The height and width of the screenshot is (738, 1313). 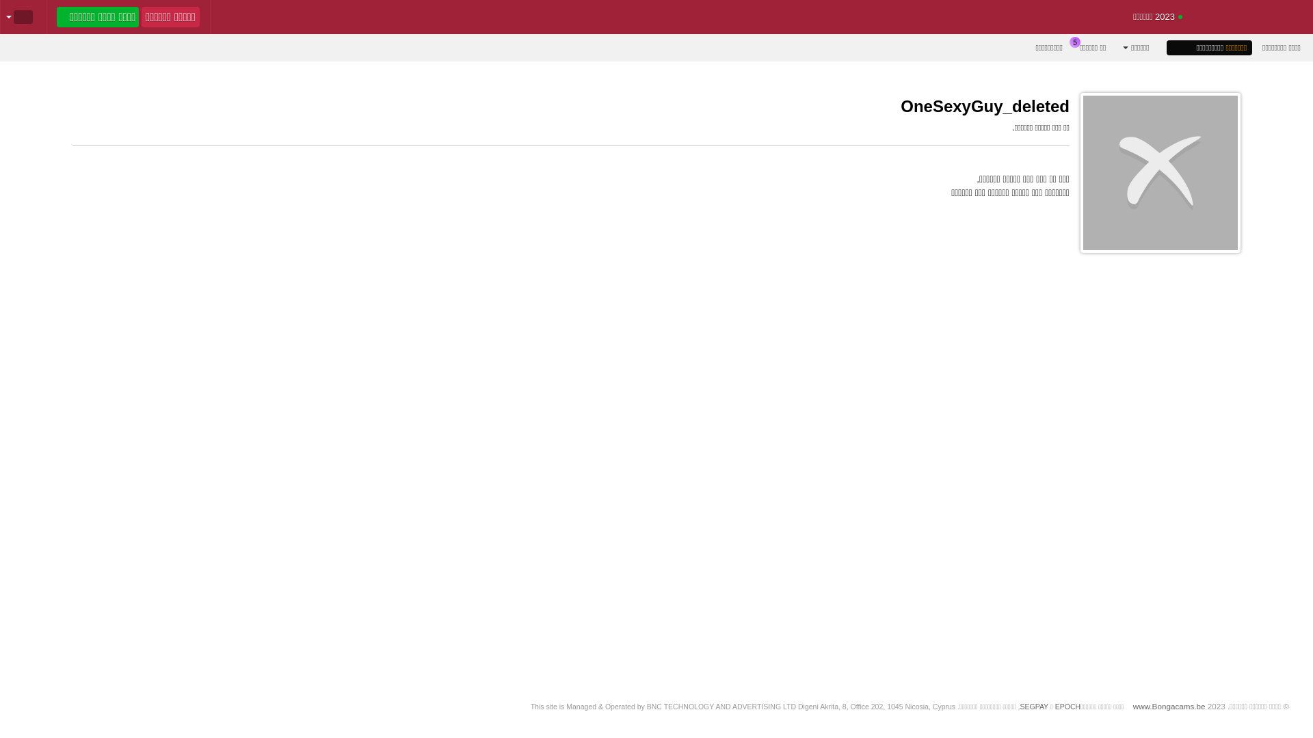 I want to click on 'Association of Sites Advocating Child Protection', so click(x=990, y=723).